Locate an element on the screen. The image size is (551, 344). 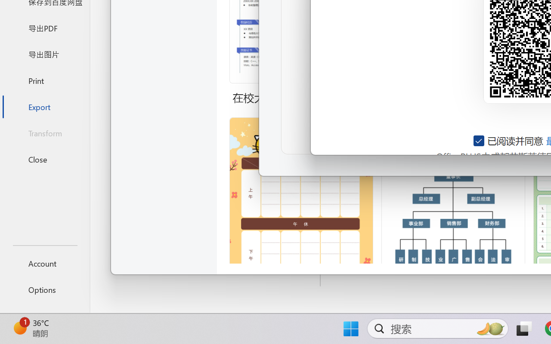
'AutomationID: checkbox-14' is located at coordinates (479, 140).